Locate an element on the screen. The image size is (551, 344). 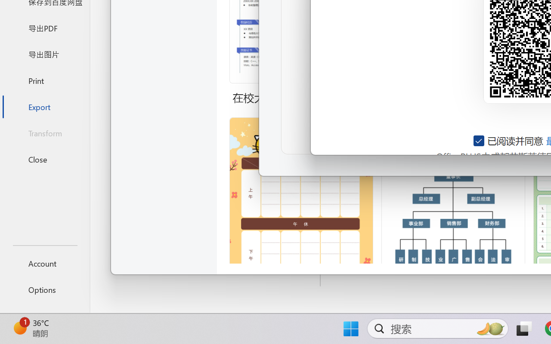
'AutomationID: checkbox-14' is located at coordinates (479, 140).